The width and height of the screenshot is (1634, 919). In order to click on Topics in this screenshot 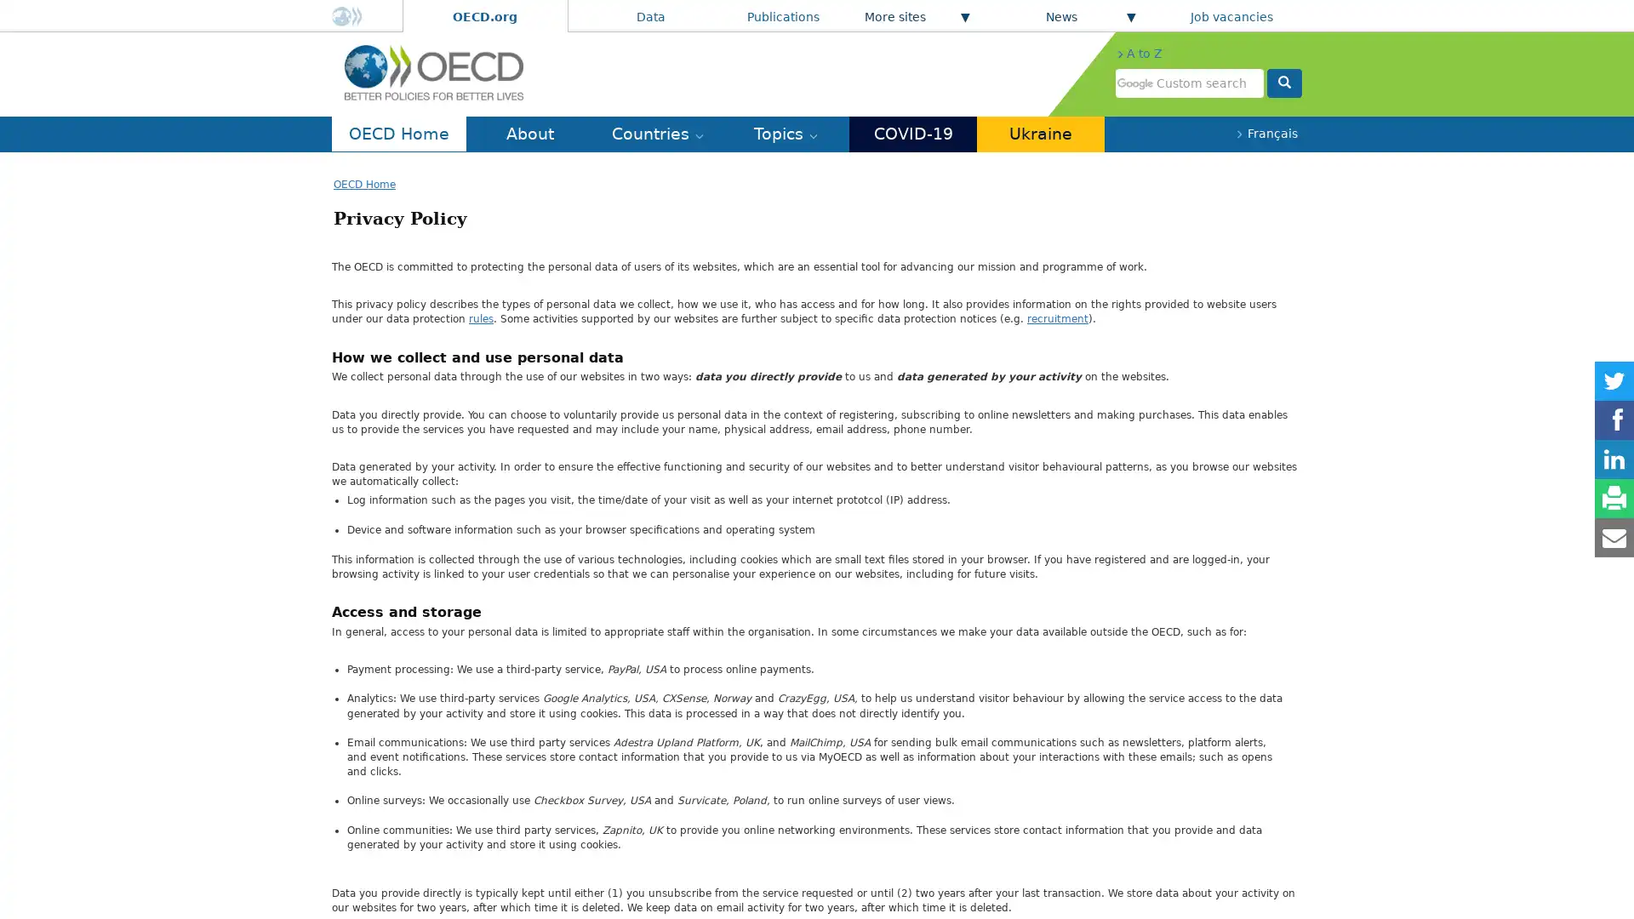, I will do `click(784, 133)`.